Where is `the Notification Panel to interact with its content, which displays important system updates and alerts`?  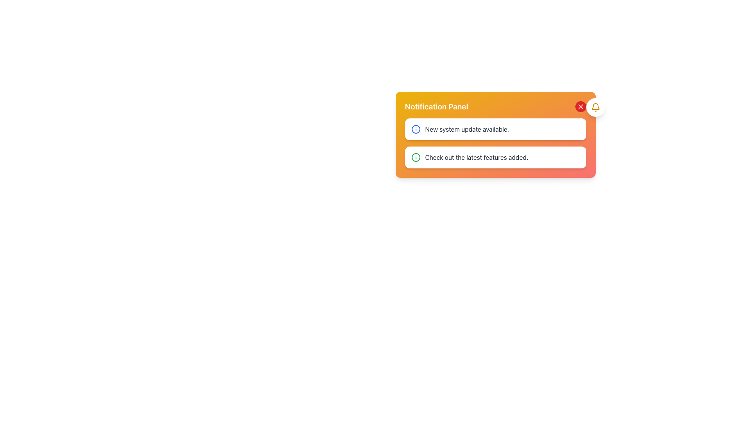
the Notification Panel to interact with its content, which displays important system updates and alerts is located at coordinates (495, 134).